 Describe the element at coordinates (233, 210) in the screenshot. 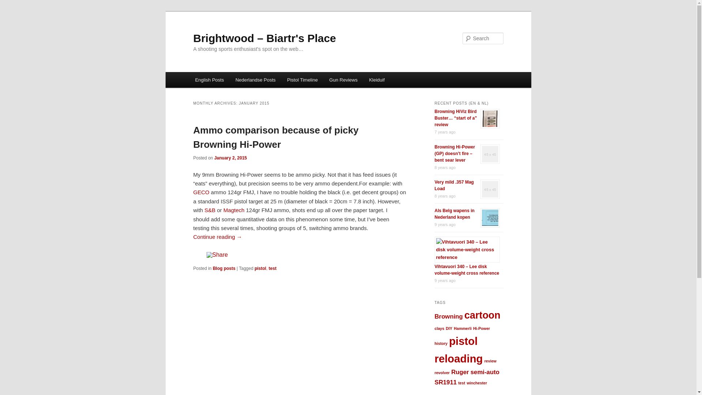

I see `'Magtech'` at that location.